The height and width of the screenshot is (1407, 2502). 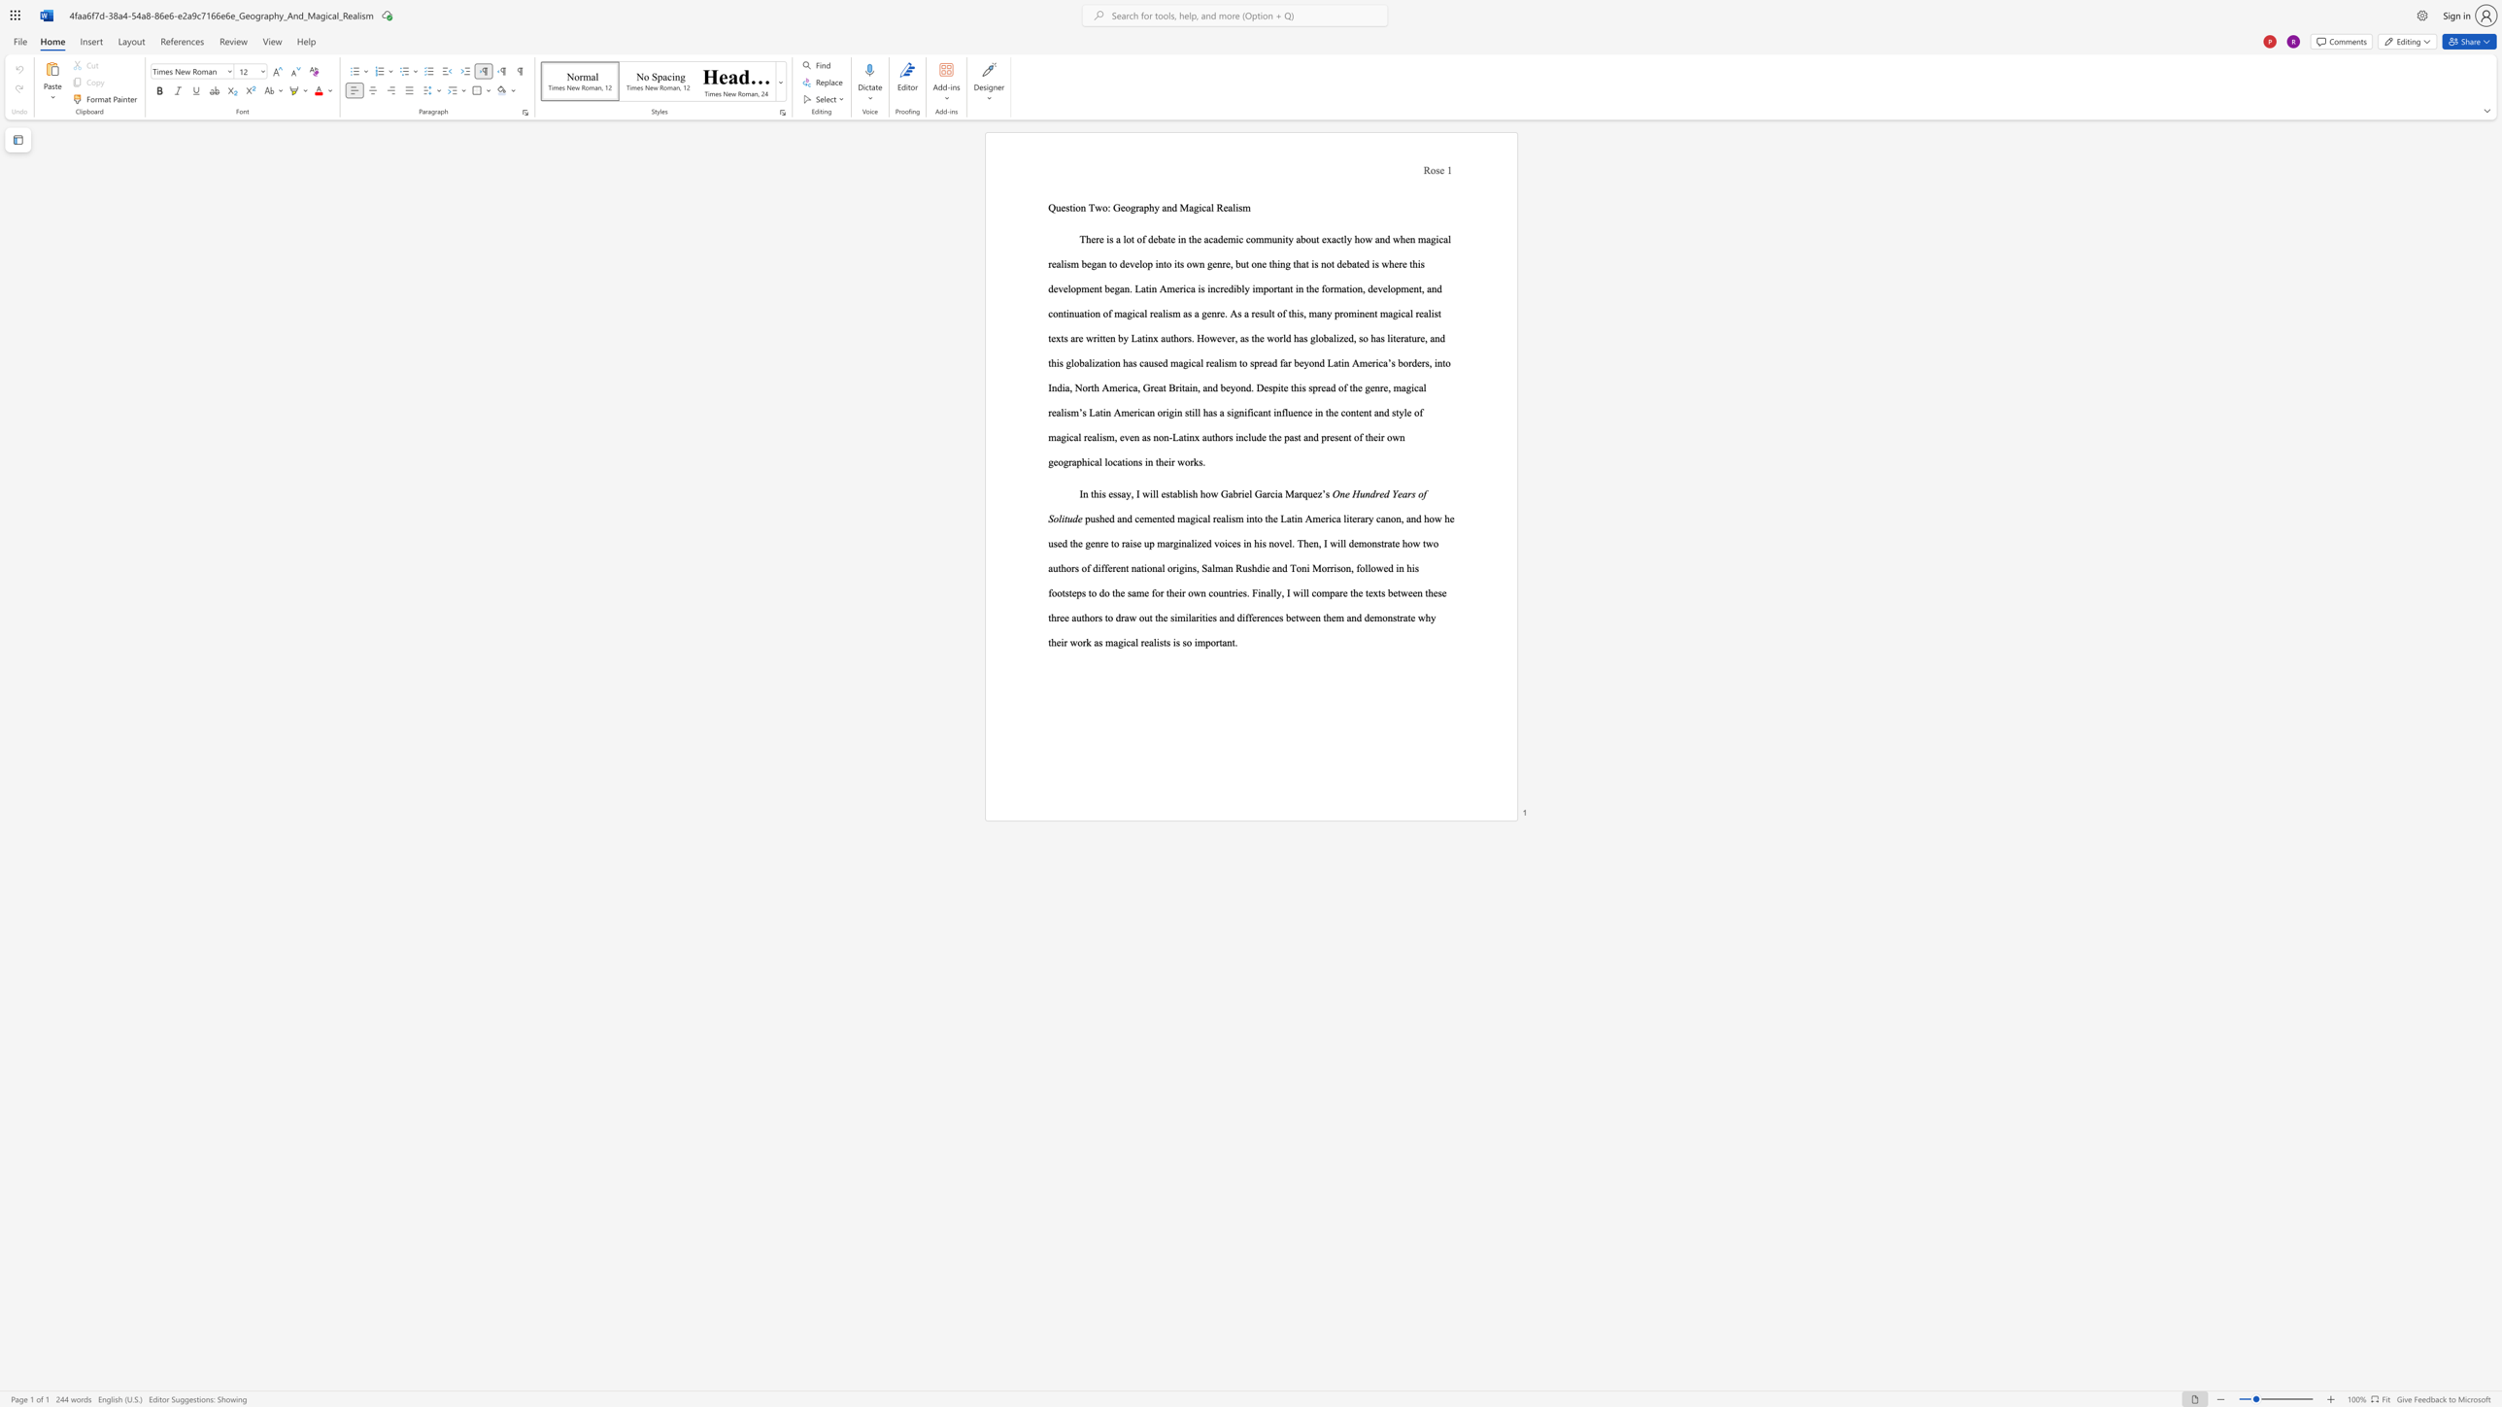 What do you see at coordinates (1097, 617) in the screenshot?
I see `the subset text "s to draw out the similarities and differ" within the text "to do the same for their own countries. Finally, I will compare the texts between these three authors to draw out the similarities and differences between them and"` at bounding box center [1097, 617].